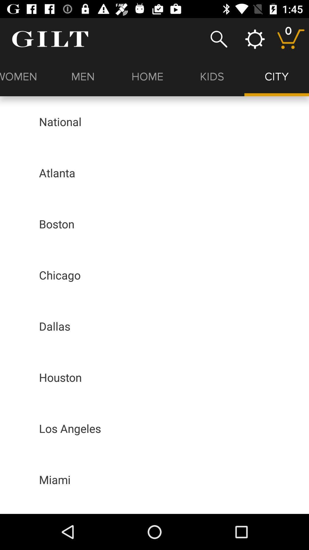 This screenshot has height=550, width=309. What do you see at coordinates (70, 428) in the screenshot?
I see `los angeles item` at bounding box center [70, 428].